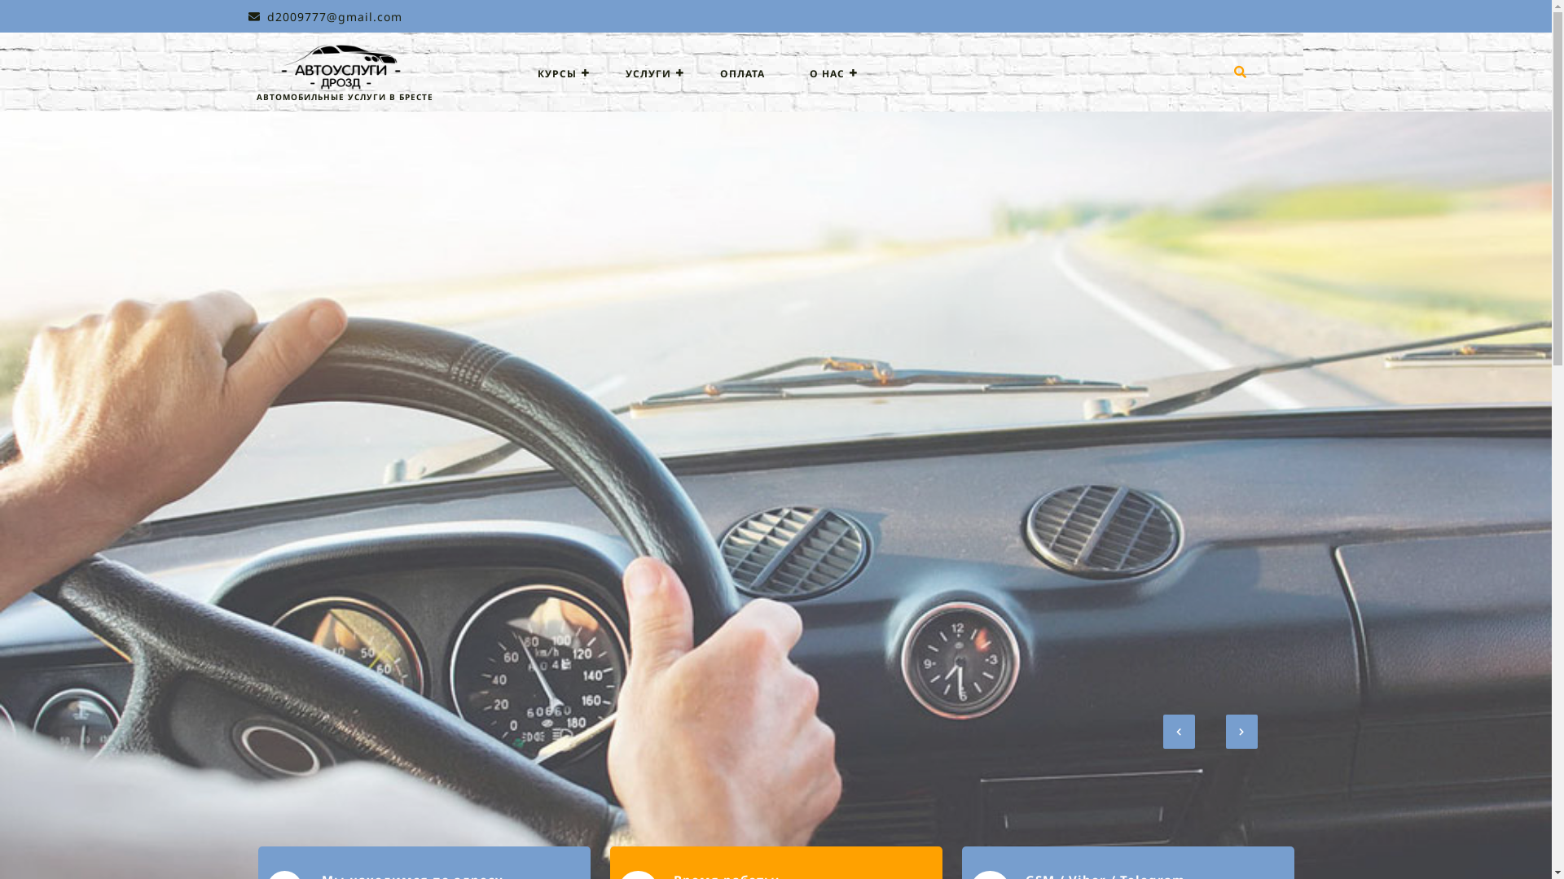  What do you see at coordinates (1242, 82) in the screenshot?
I see `'Search'` at bounding box center [1242, 82].